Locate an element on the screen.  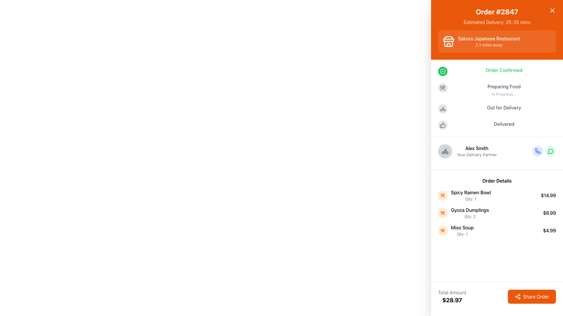
the text label that provides feedback about the 'Preparing Food' stage, located directly below the 'Preparing Food' text in the order status section is located at coordinates (503, 94).